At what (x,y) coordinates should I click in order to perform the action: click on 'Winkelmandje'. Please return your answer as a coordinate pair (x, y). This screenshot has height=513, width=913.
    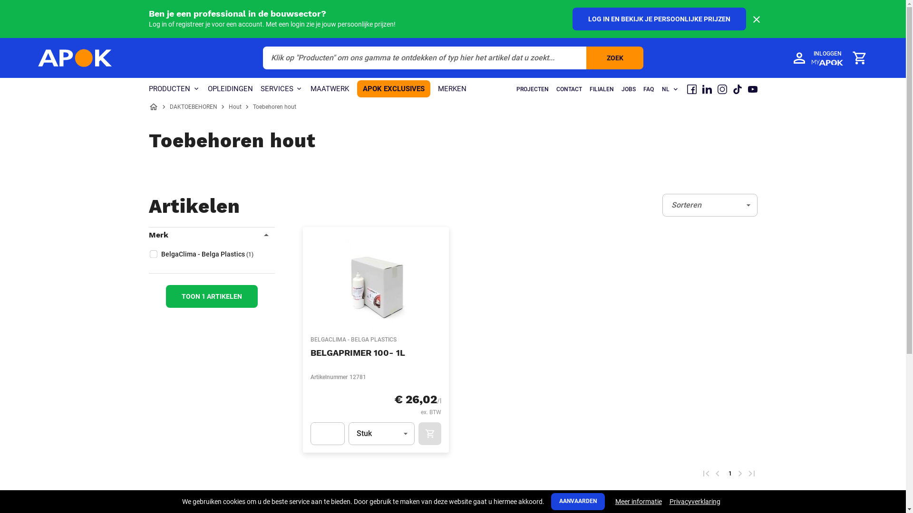
    Looking at the image, I should click on (851, 58).